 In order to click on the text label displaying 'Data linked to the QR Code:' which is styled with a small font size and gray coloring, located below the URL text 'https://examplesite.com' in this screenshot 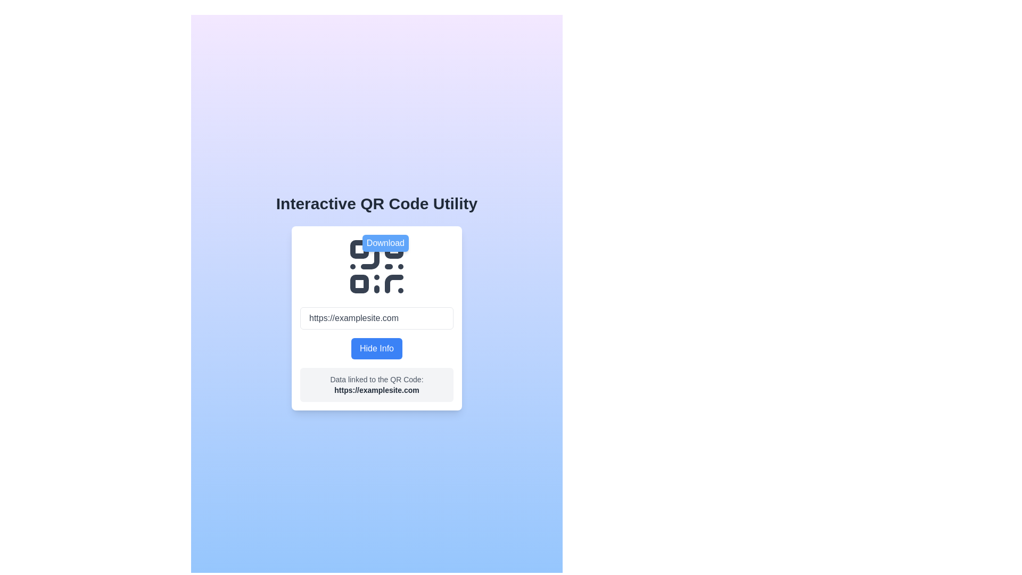, I will do `click(377, 379)`.